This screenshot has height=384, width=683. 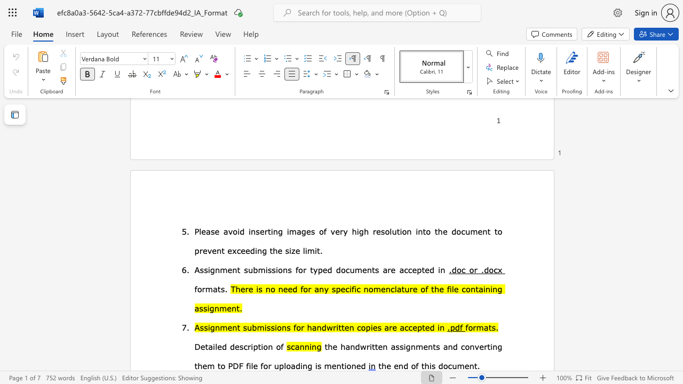 What do you see at coordinates (393, 365) in the screenshot?
I see `the subset text "end of th" within the text "the end of this document."` at bounding box center [393, 365].